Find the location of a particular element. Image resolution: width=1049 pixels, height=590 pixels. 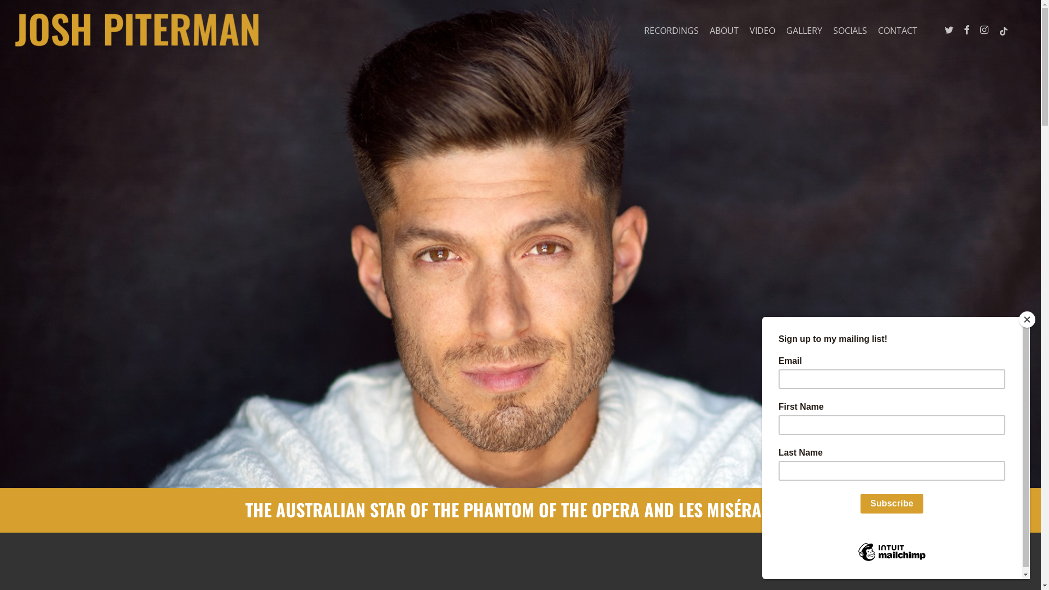

'TWITTER' is located at coordinates (948, 29).